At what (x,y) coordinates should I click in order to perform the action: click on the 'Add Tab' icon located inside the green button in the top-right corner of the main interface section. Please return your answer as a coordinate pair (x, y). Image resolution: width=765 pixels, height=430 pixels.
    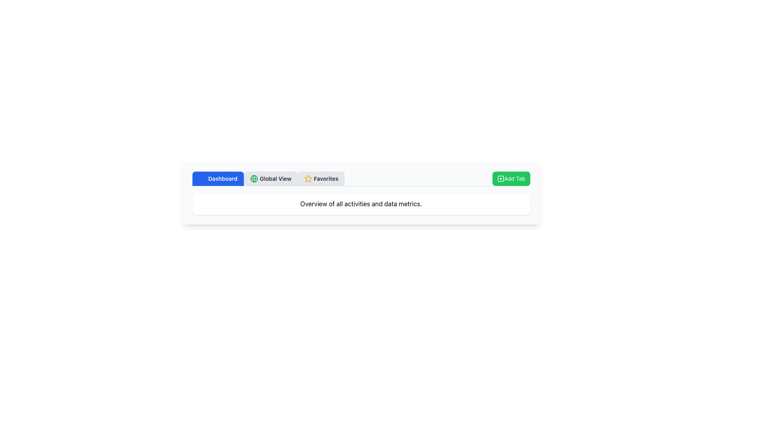
    Looking at the image, I should click on (500, 178).